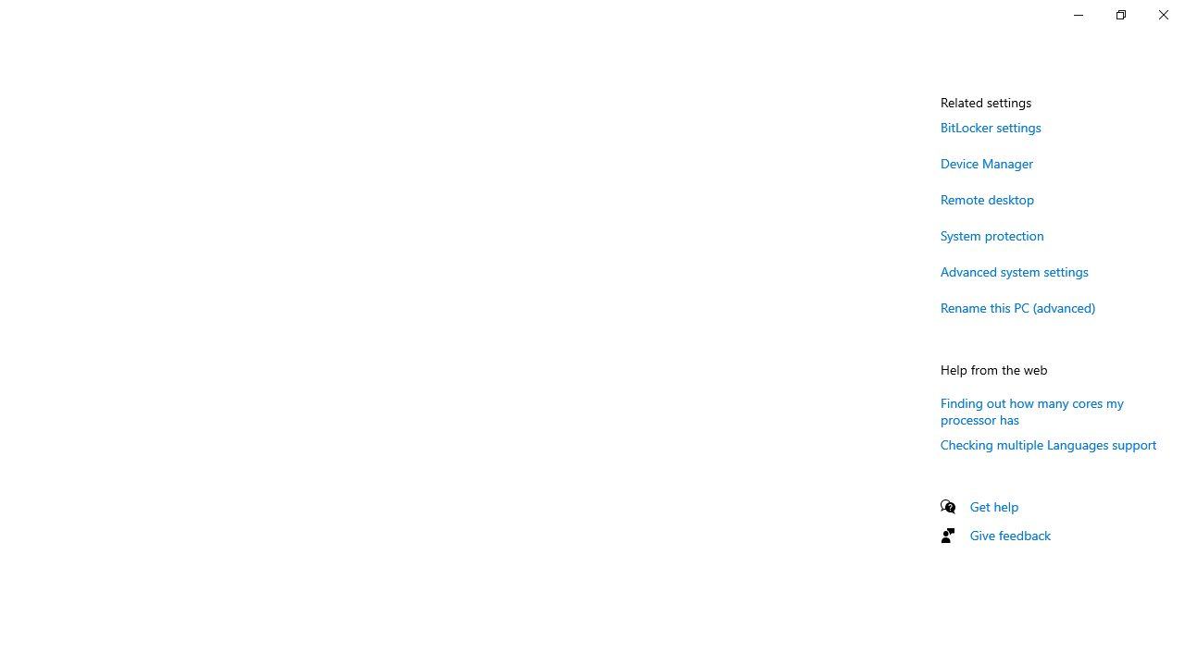 The width and height of the screenshot is (1185, 666). Describe the element at coordinates (1049, 444) in the screenshot. I see `'Checking multiple Languages support'` at that location.